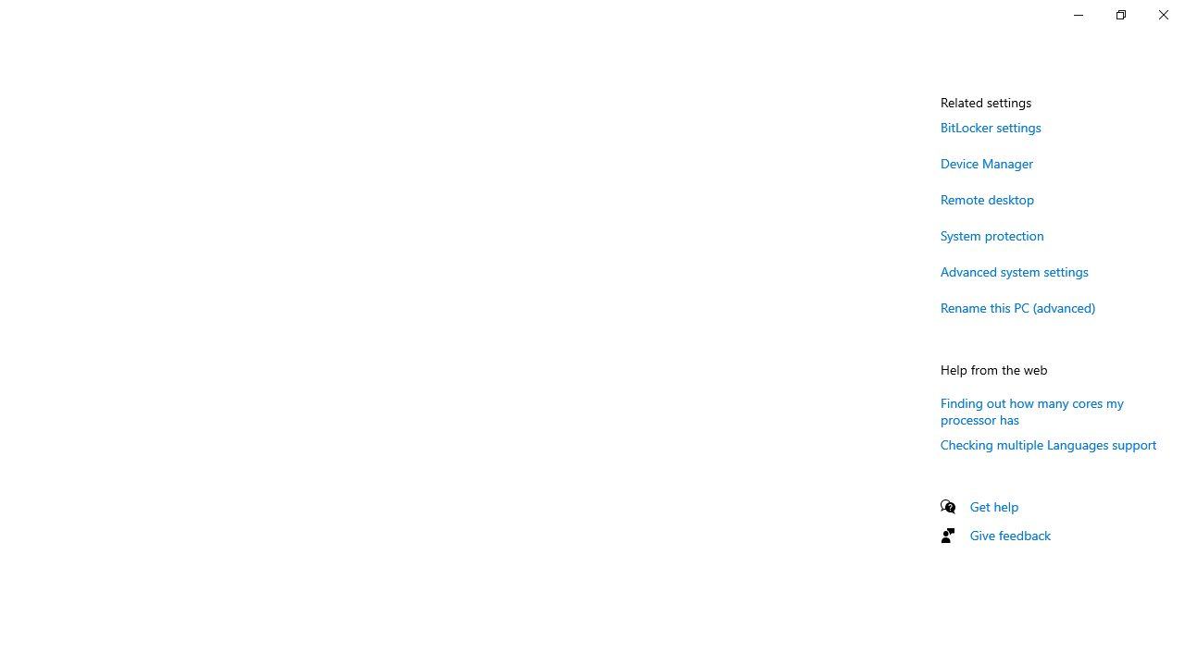 The width and height of the screenshot is (1185, 666). Describe the element at coordinates (1049, 444) in the screenshot. I see `'Checking multiple Languages support'` at that location.